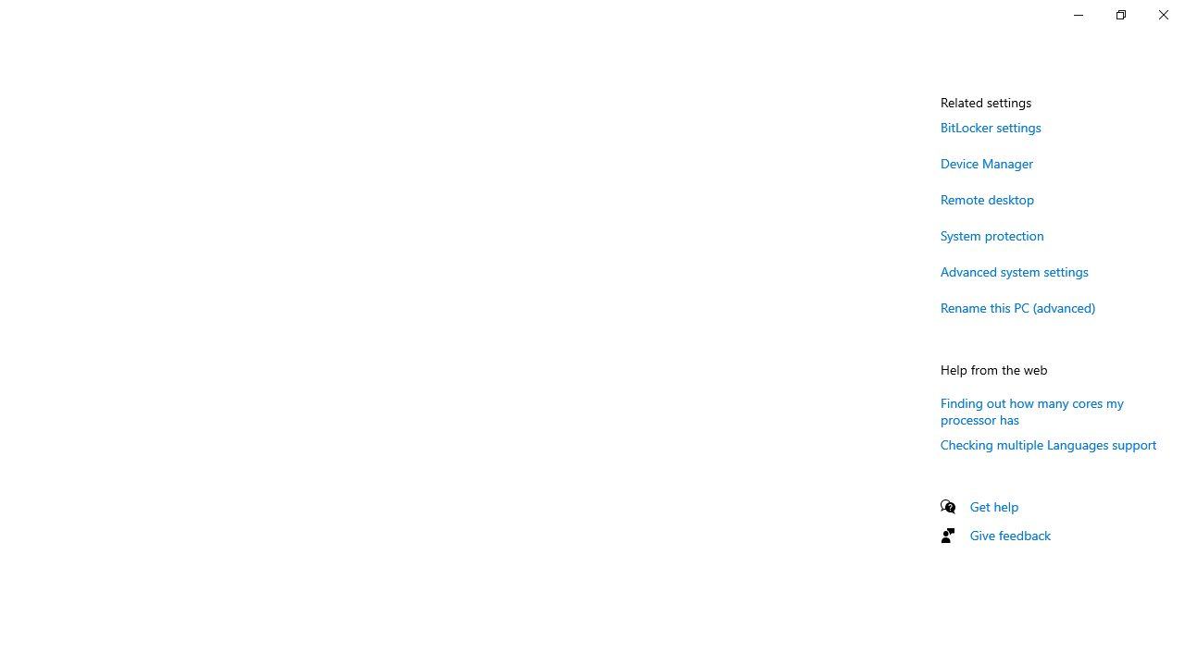 The width and height of the screenshot is (1185, 666). Describe the element at coordinates (1049, 444) in the screenshot. I see `'Checking multiple Languages support'` at that location.